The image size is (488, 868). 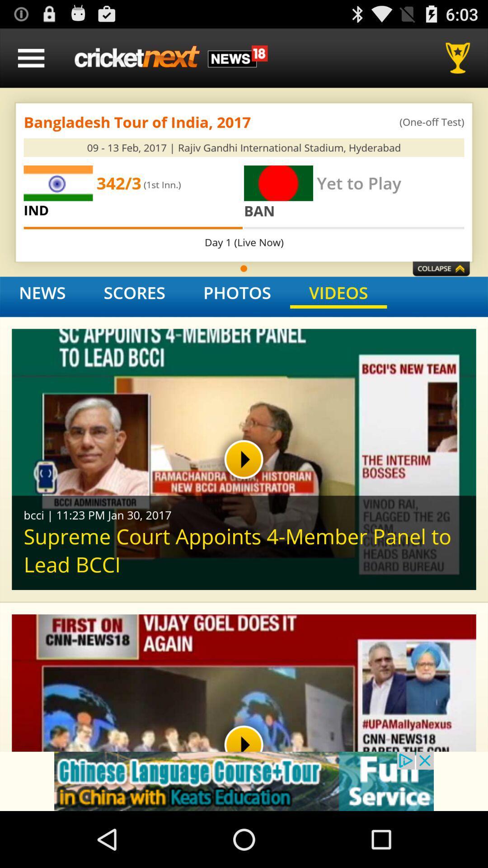 What do you see at coordinates (171, 57) in the screenshot?
I see `refresh homepage` at bounding box center [171, 57].